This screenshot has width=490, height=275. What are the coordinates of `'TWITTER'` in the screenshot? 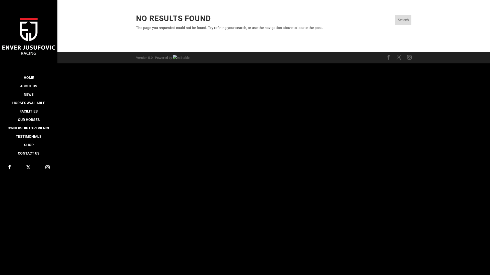 It's located at (28, 168).